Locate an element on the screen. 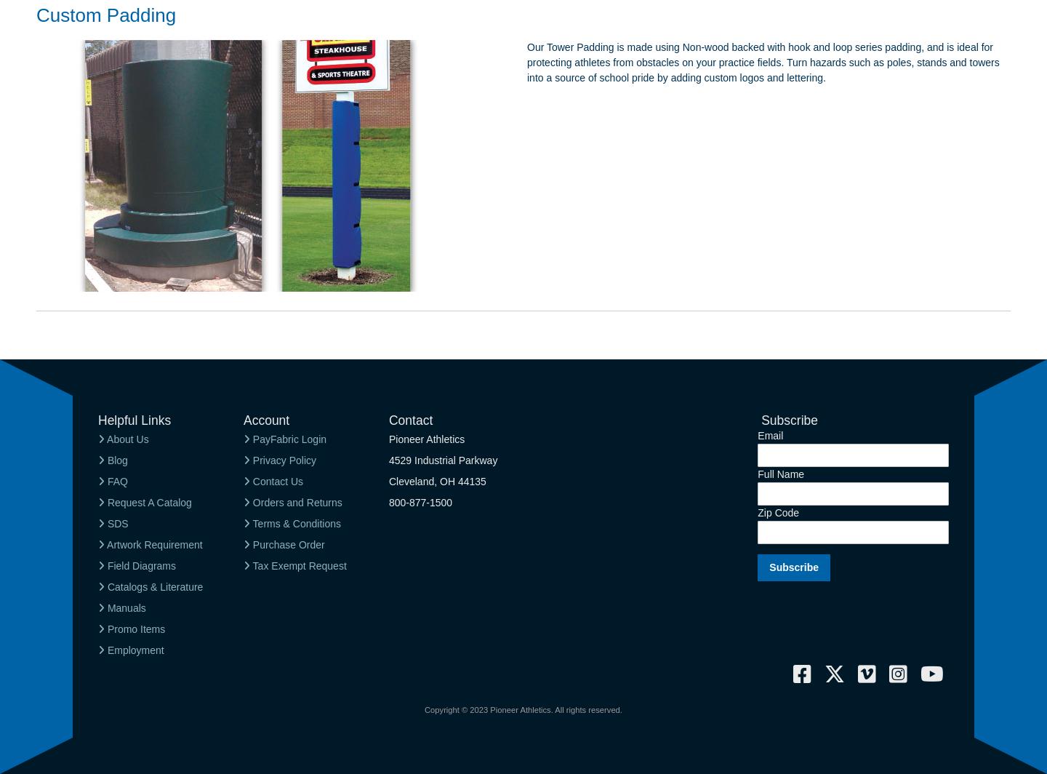  'Blog' is located at coordinates (104, 460).